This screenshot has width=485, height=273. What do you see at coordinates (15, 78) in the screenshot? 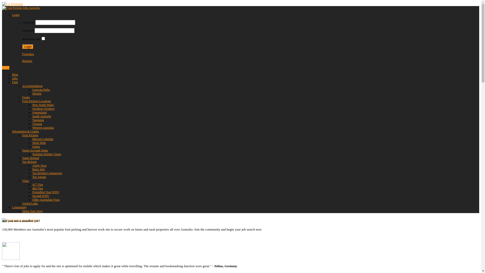
I see `'Jobs'` at bounding box center [15, 78].